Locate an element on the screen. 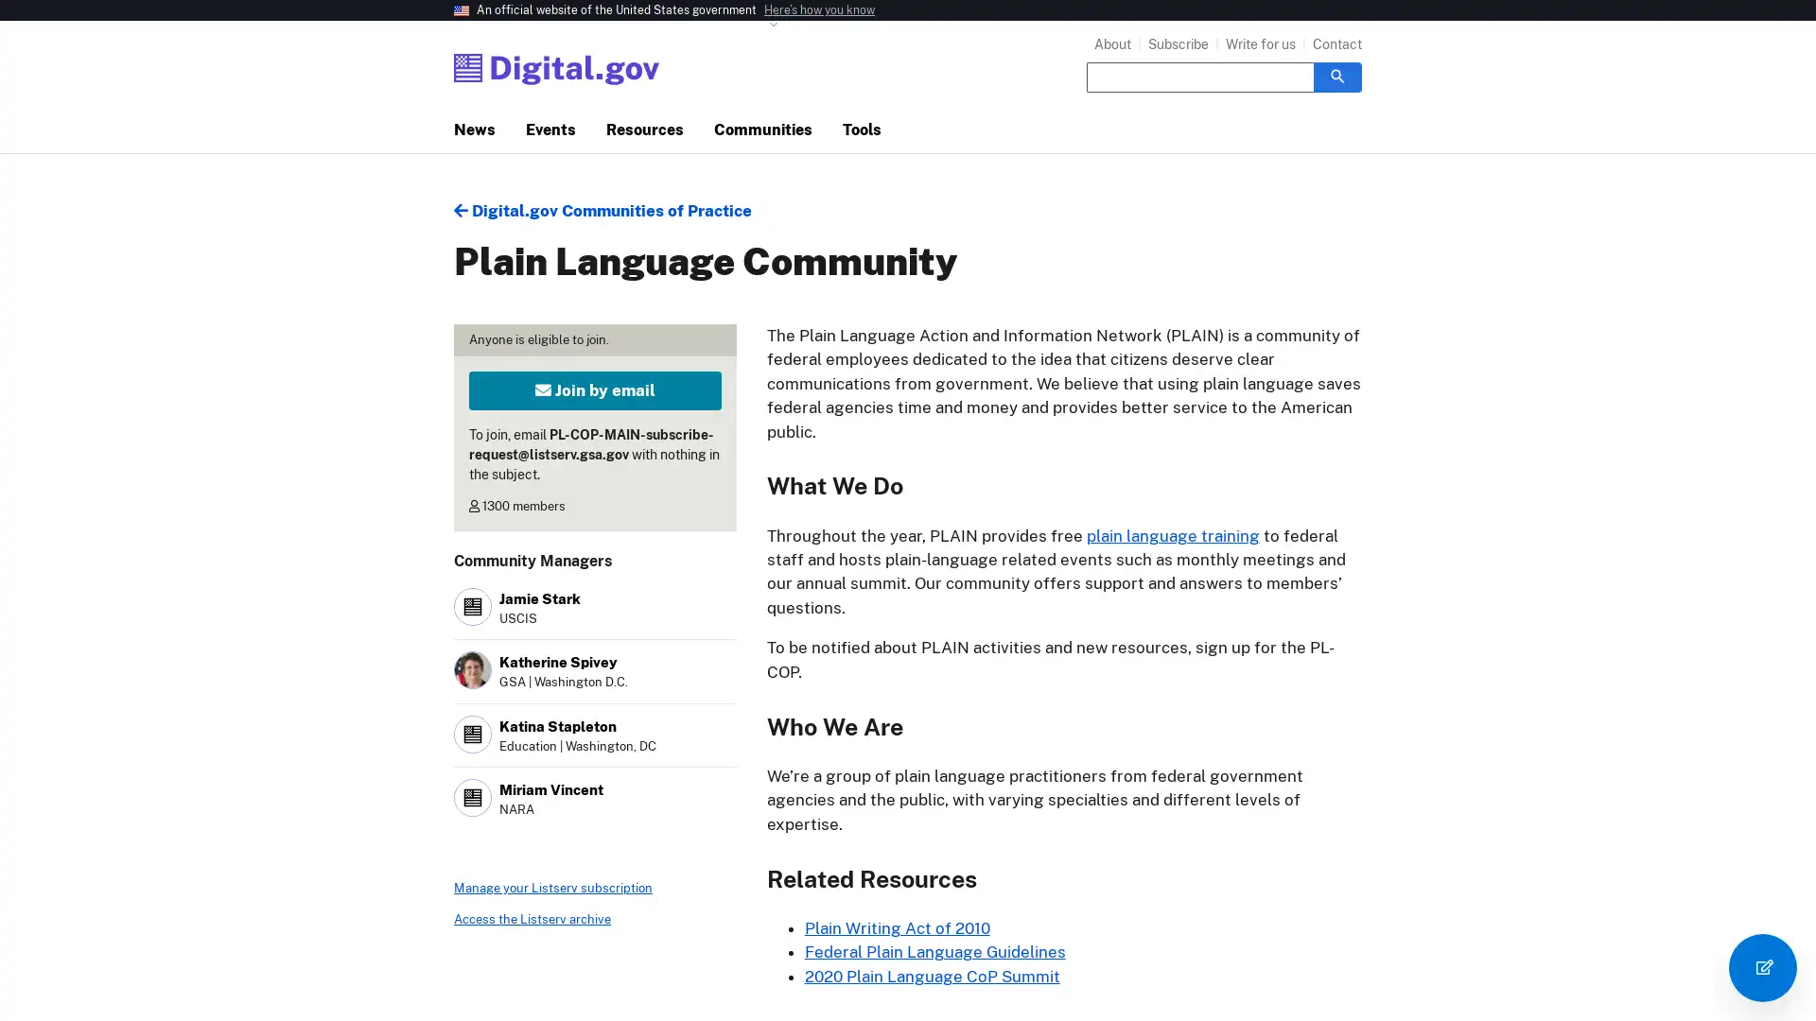  edit is located at coordinates (1761, 967).